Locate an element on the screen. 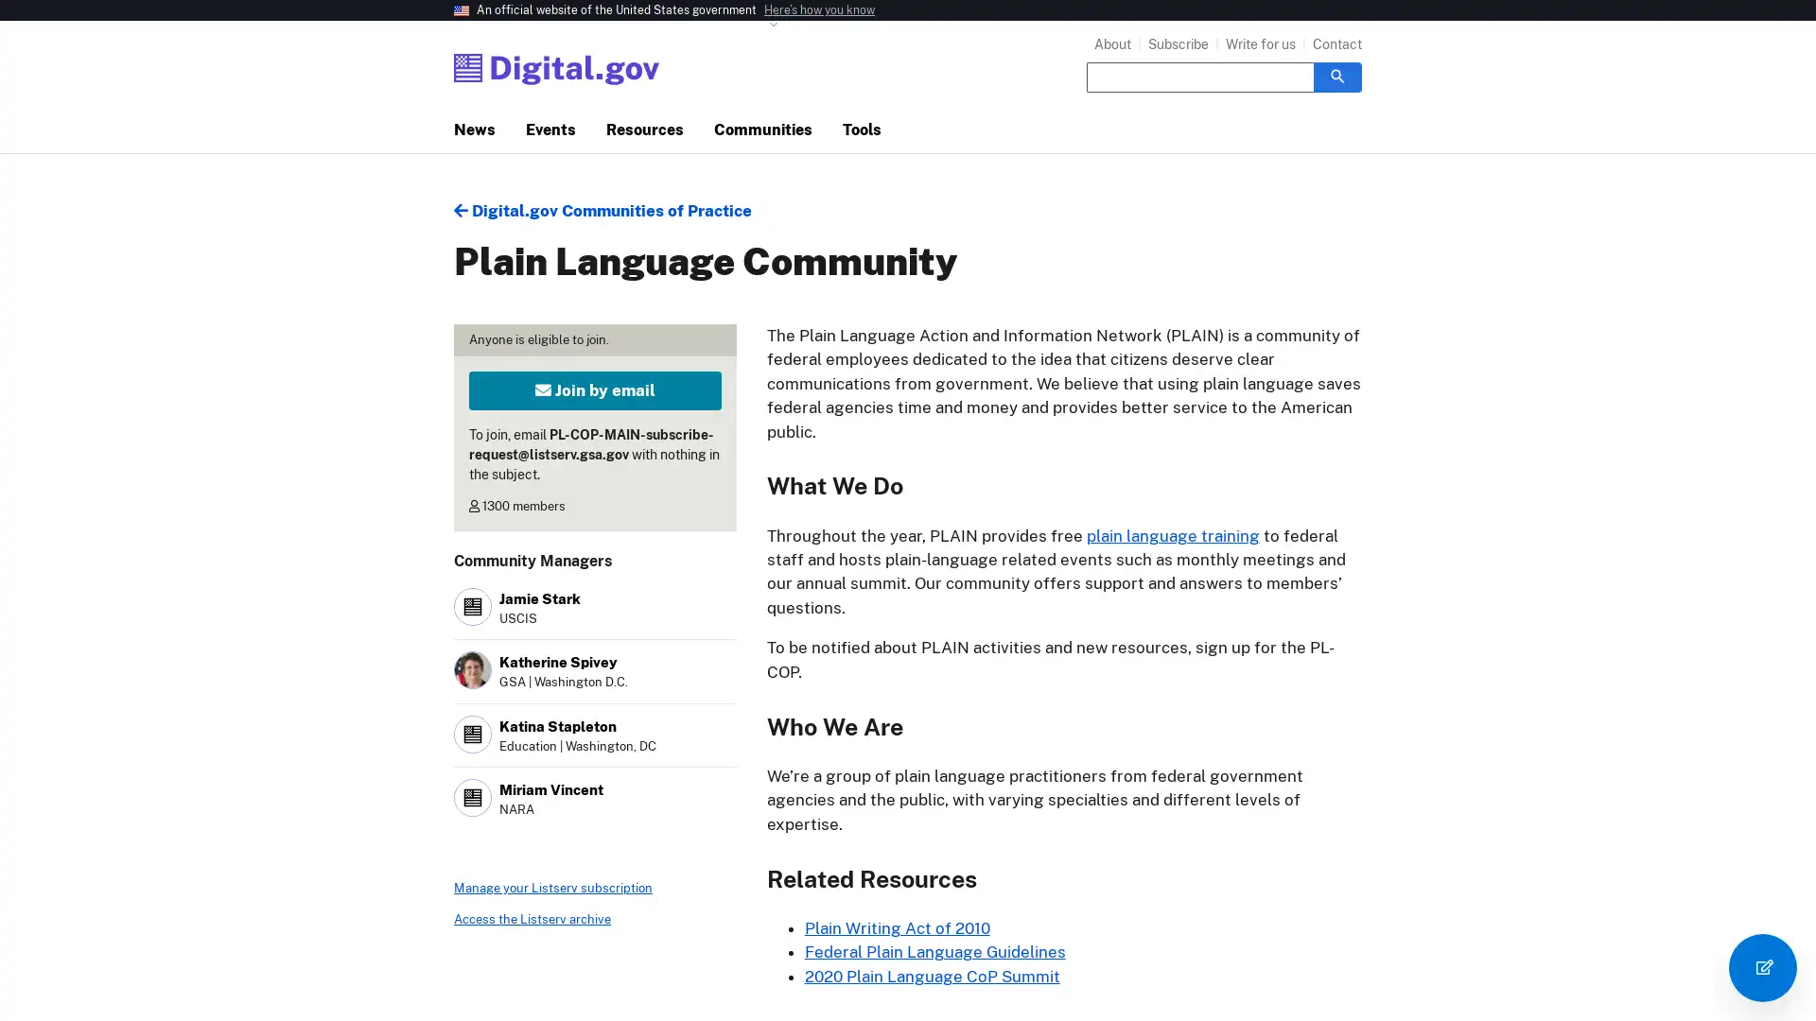  edit is located at coordinates (1761, 967).